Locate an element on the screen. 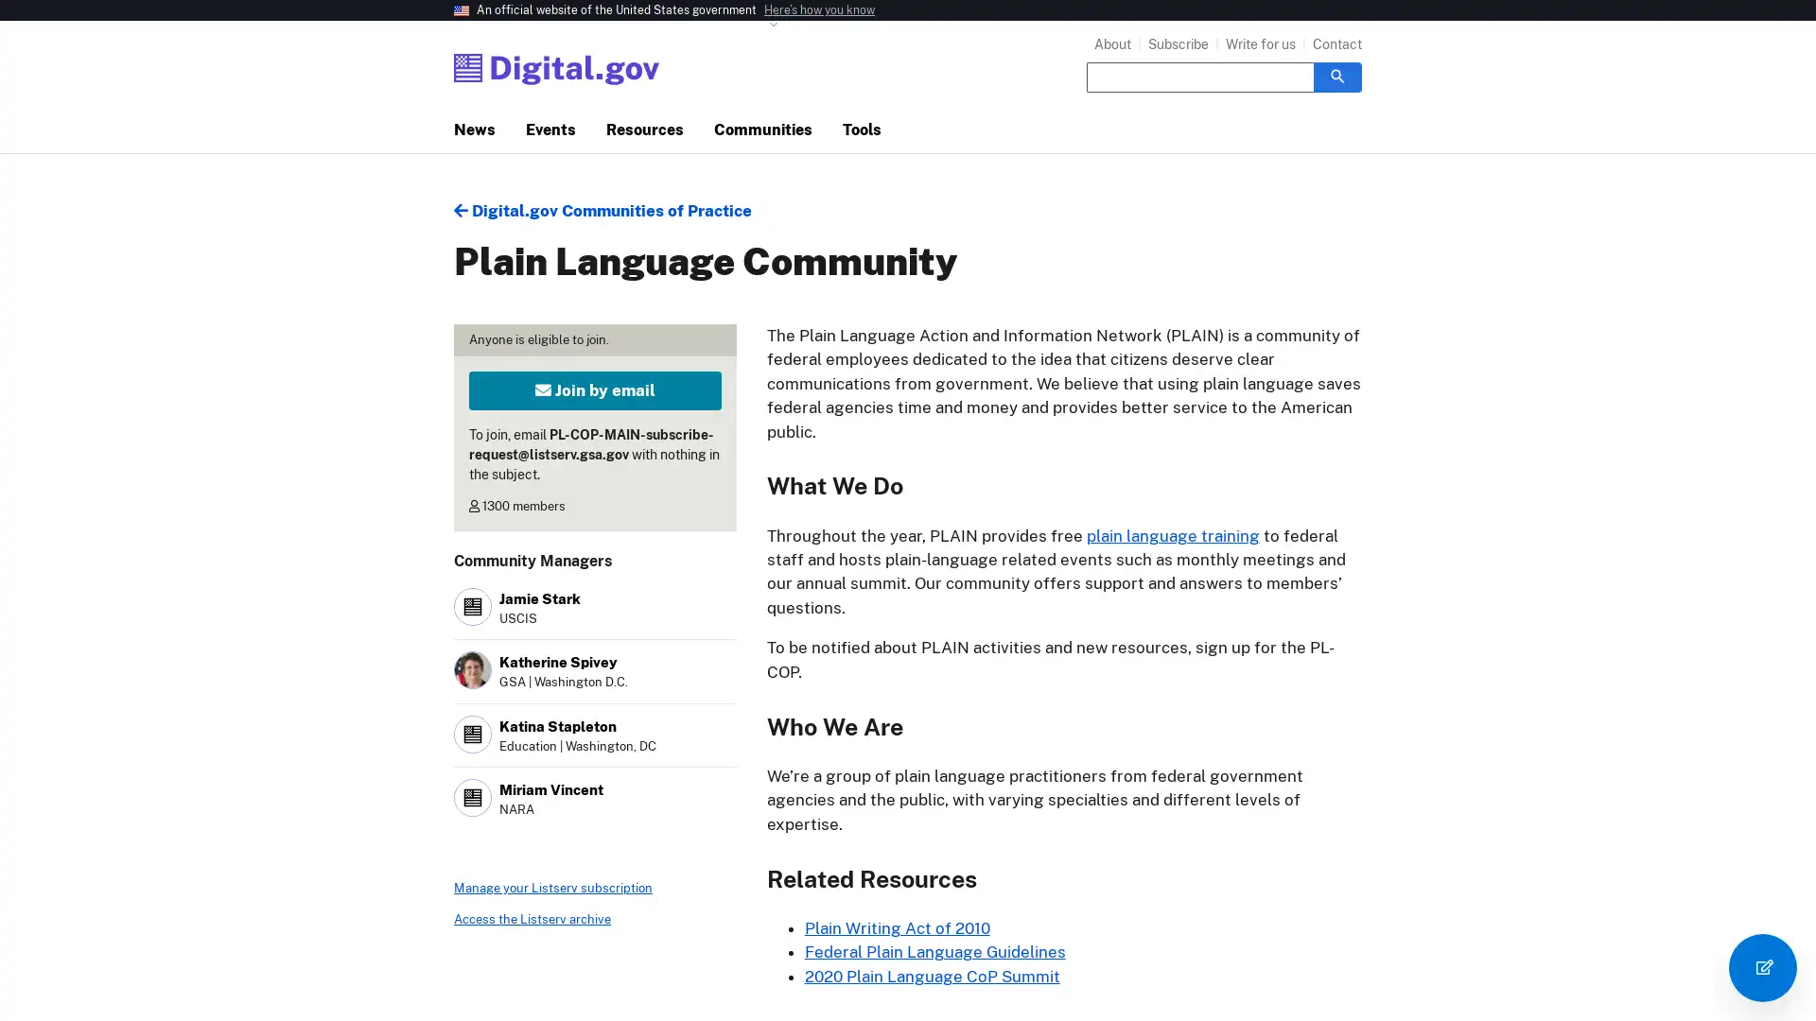  edit is located at coordinates (1761, 967).